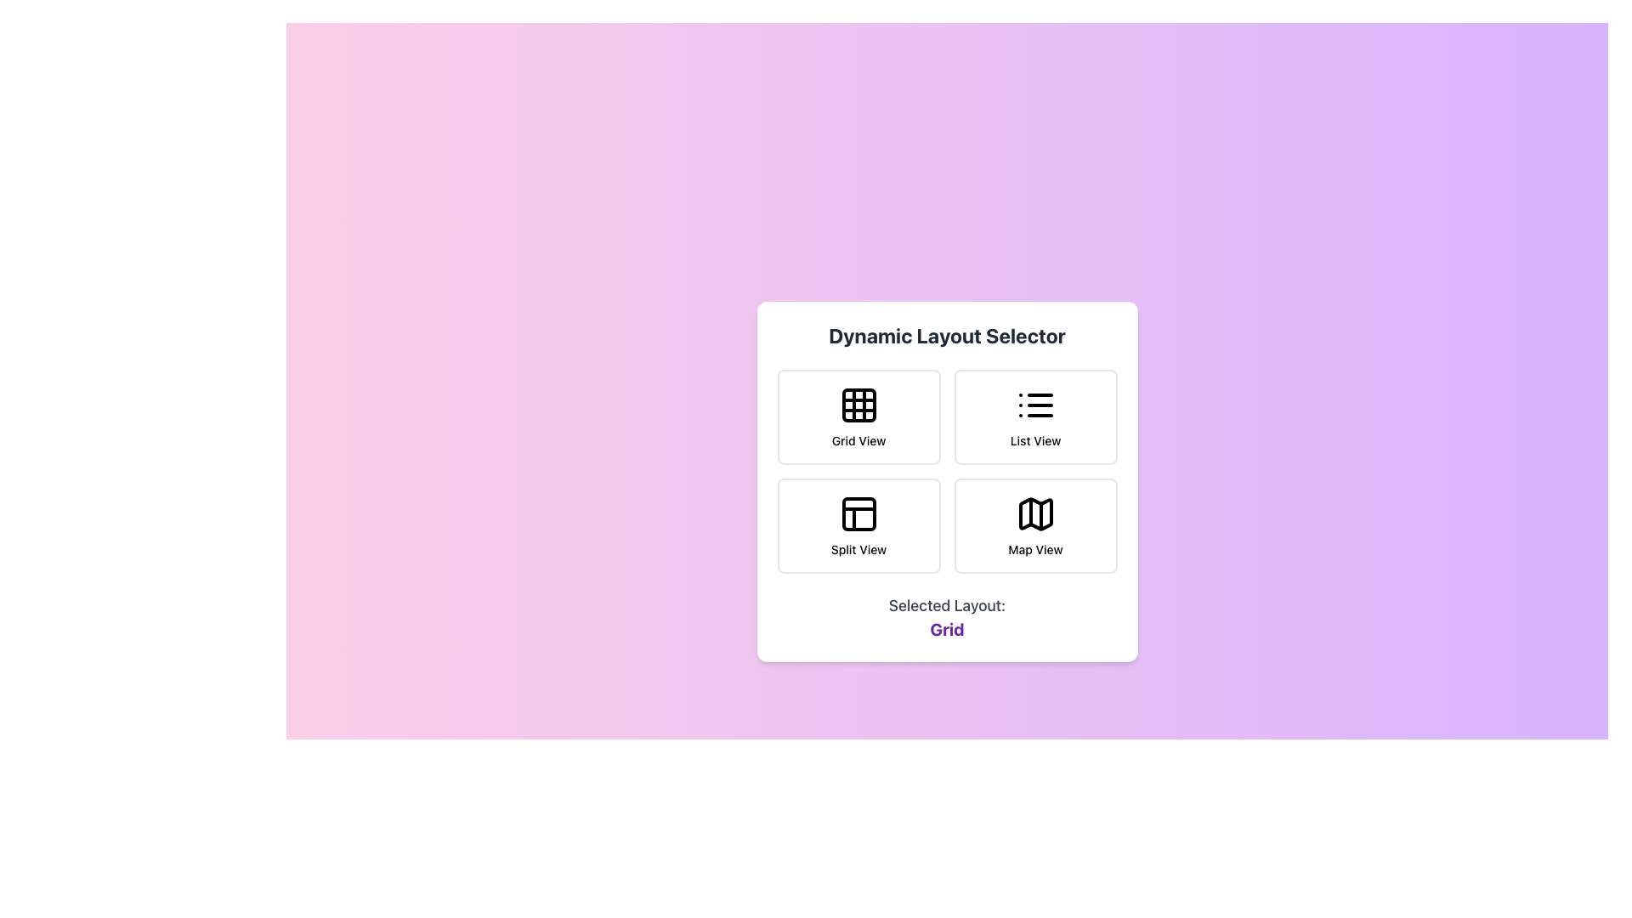 The image size is (1632, 918). Describe the element at coordinates (1034, 513) in the screenshot. I see `the 'Map View' icon located in the bottom-right section of the layout selection interface` at that location.